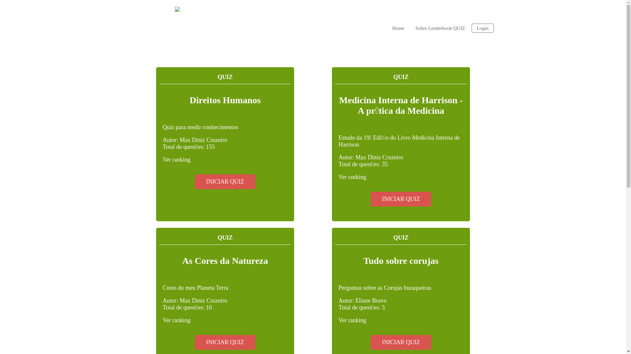 This screenshot has width=631, height=354. Describe the element at coordinates (482, 28) in the screenshot. I see `'Login'` at that location.